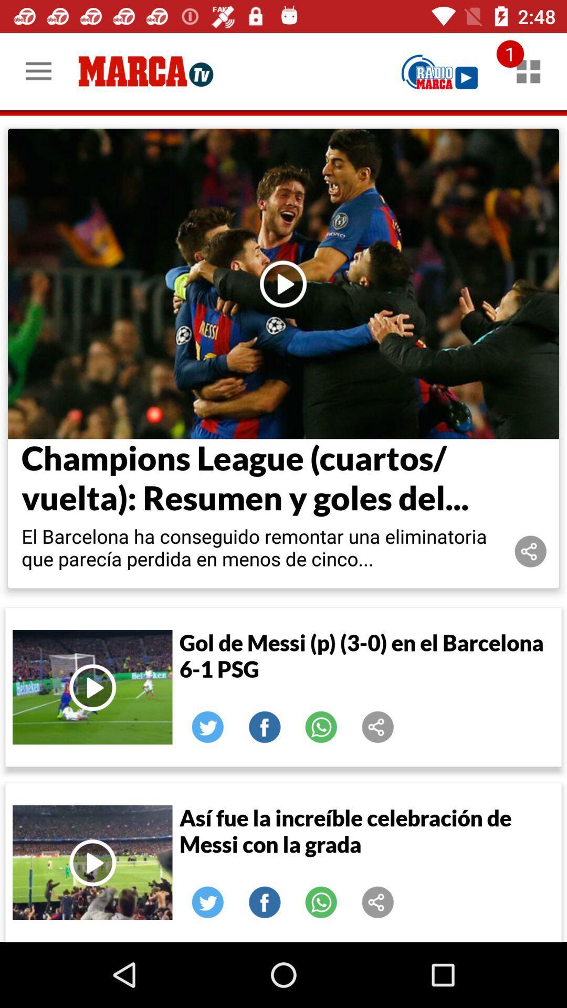 The image size is (567, 1008). What do you see at coordinates (208, 727) in the screenshot?
I see `share the video with your twitter friends` at bounding box center [208, 727].